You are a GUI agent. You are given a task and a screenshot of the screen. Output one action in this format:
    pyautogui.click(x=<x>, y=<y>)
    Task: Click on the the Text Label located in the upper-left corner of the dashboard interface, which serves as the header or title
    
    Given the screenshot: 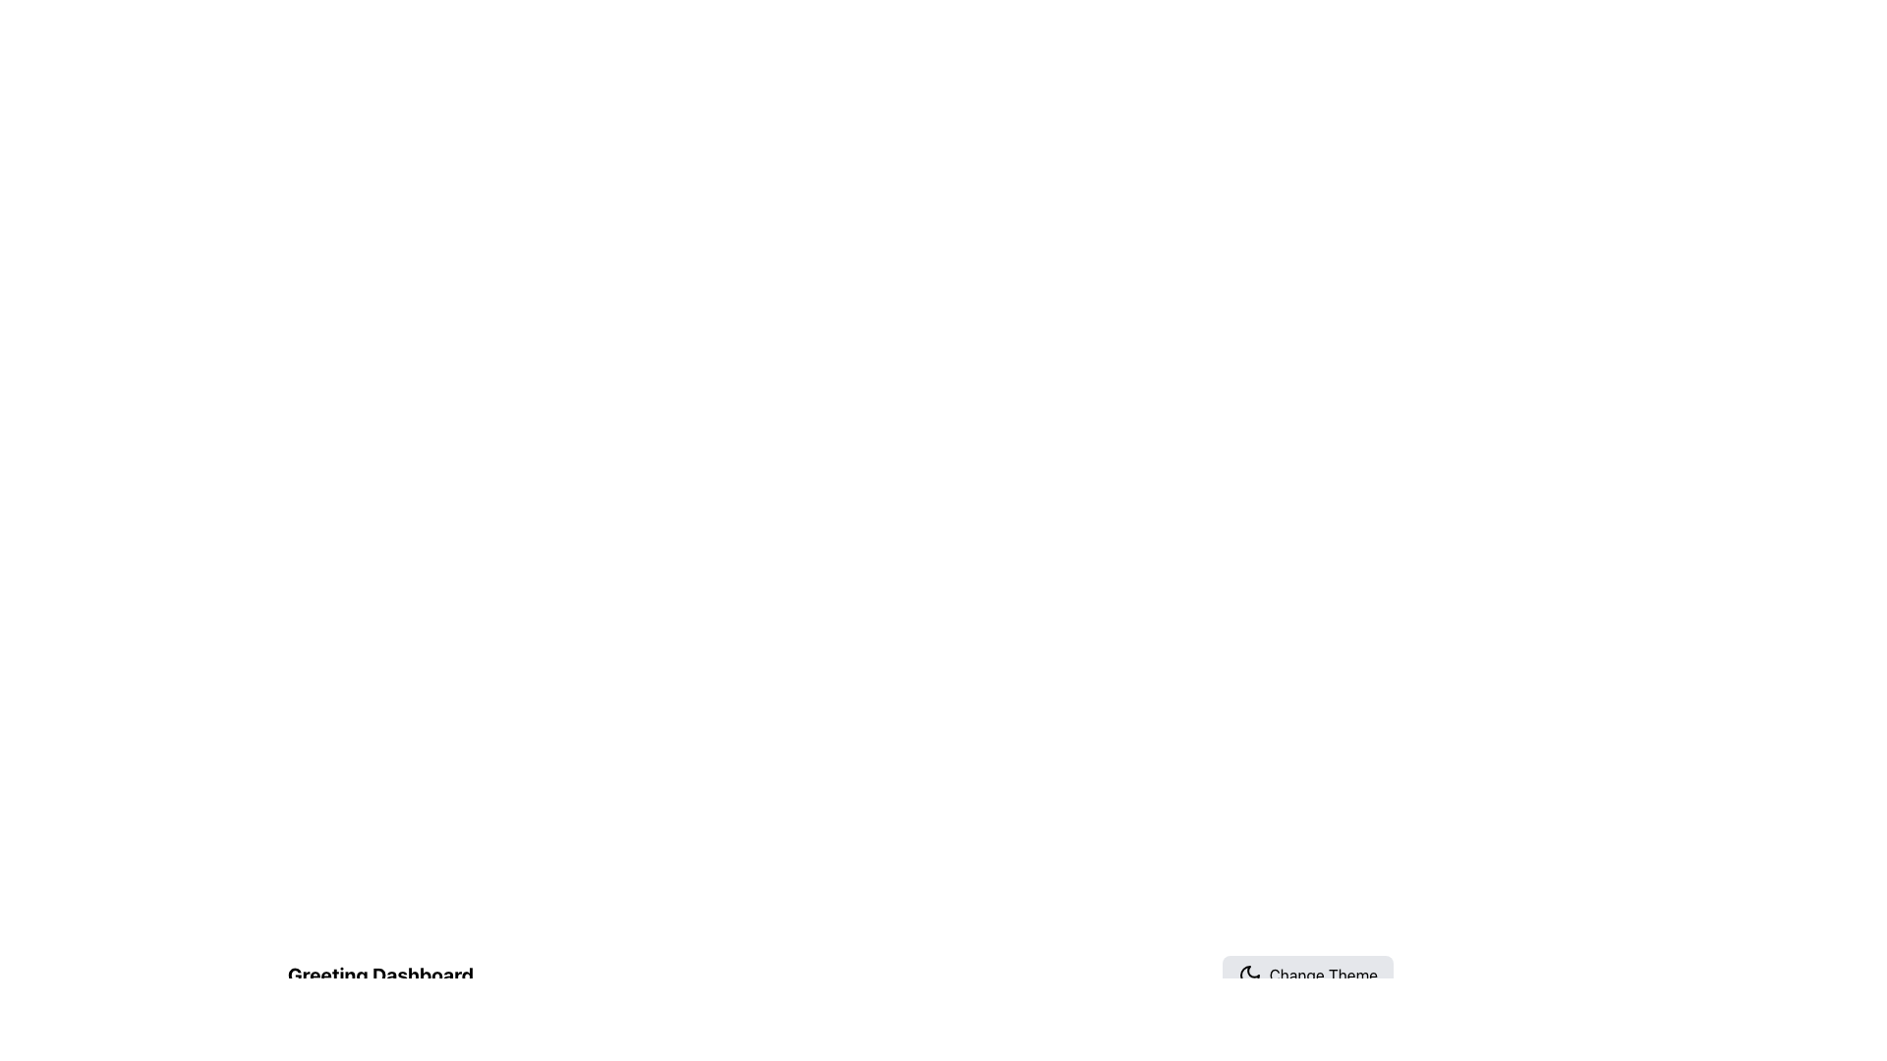 What is the action you would take?
    pyautogui.click(x=380, y=975)
    